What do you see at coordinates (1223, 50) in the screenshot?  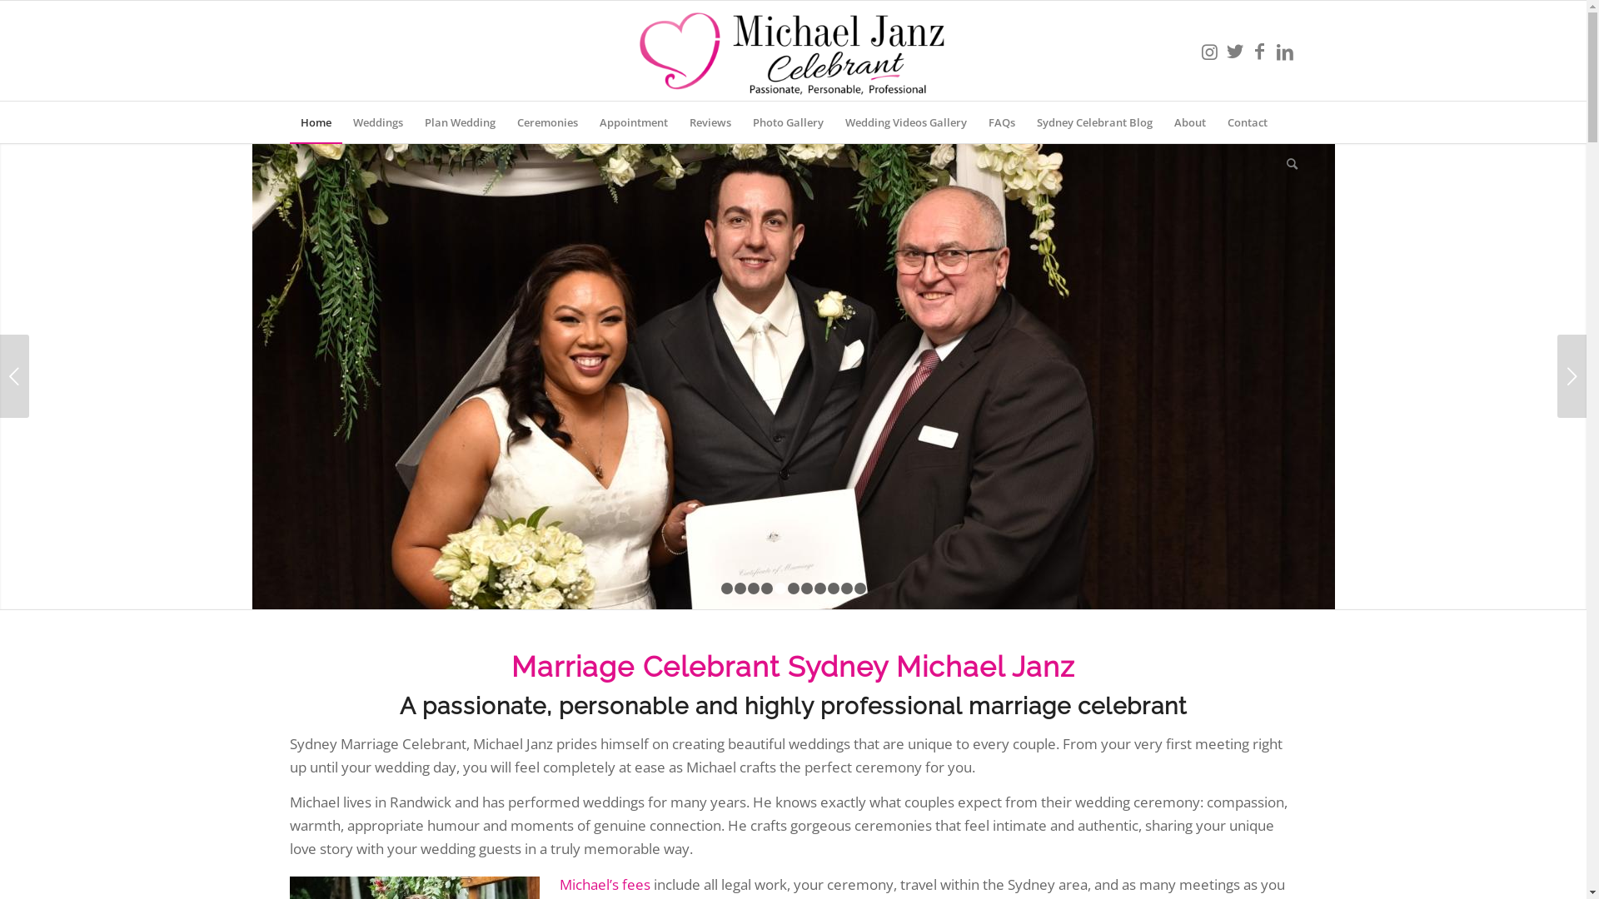 I see `'Twitter'` at bounding box center [1223, 50].